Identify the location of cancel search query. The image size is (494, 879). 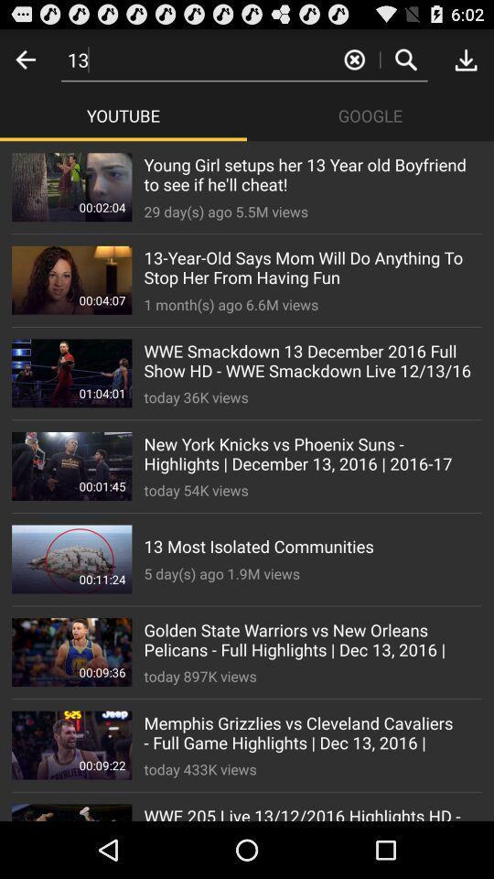
(354, 59).